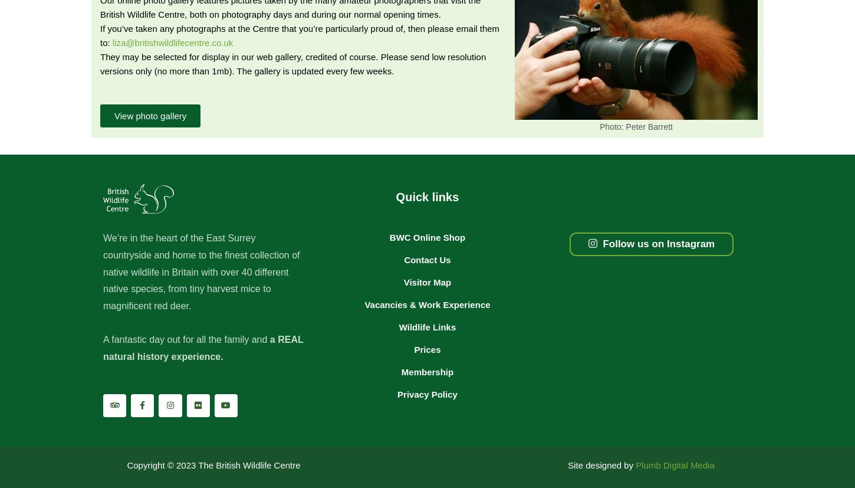 Image resolution: width=855 pixels, height=488 pixels. I want to click on 'Prices', so click(426, 349).